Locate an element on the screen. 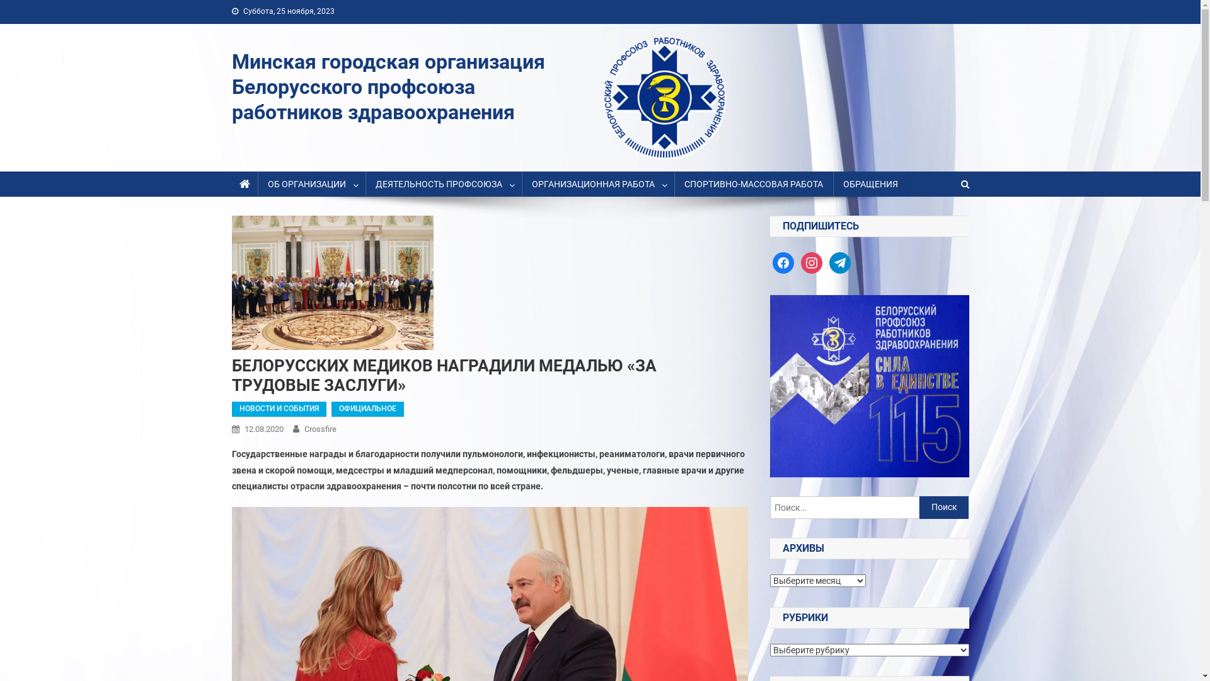 The image size is (1210, 681). '12.08.2020' is located at coordinates (263, 428).